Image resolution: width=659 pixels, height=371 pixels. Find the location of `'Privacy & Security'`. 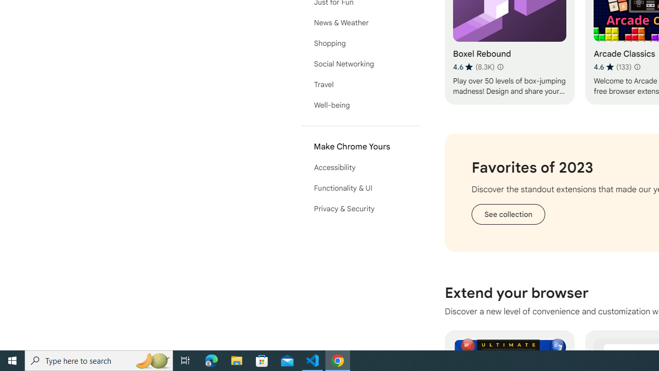

'Privacy & Security' is located at coordinates (360, 209).